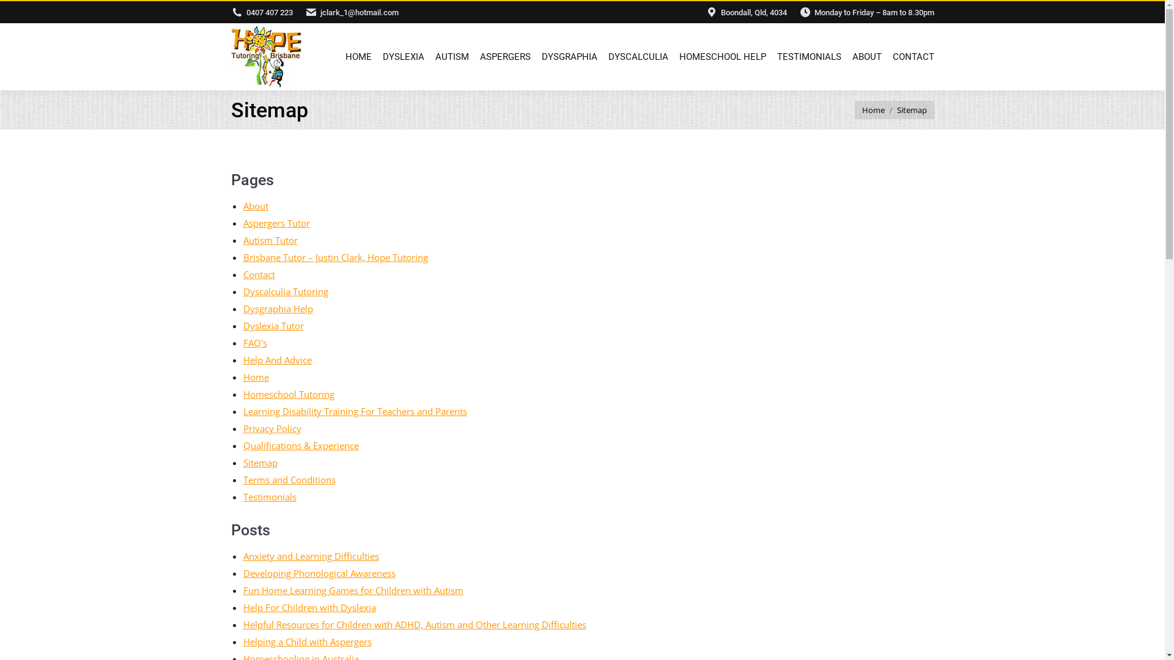 This screenshot has width=1174, height=660. What do you see at coordinates (243, 479) in the screenshot?
I see `'Terms and Conditions'` at bounding box center [243, 479].